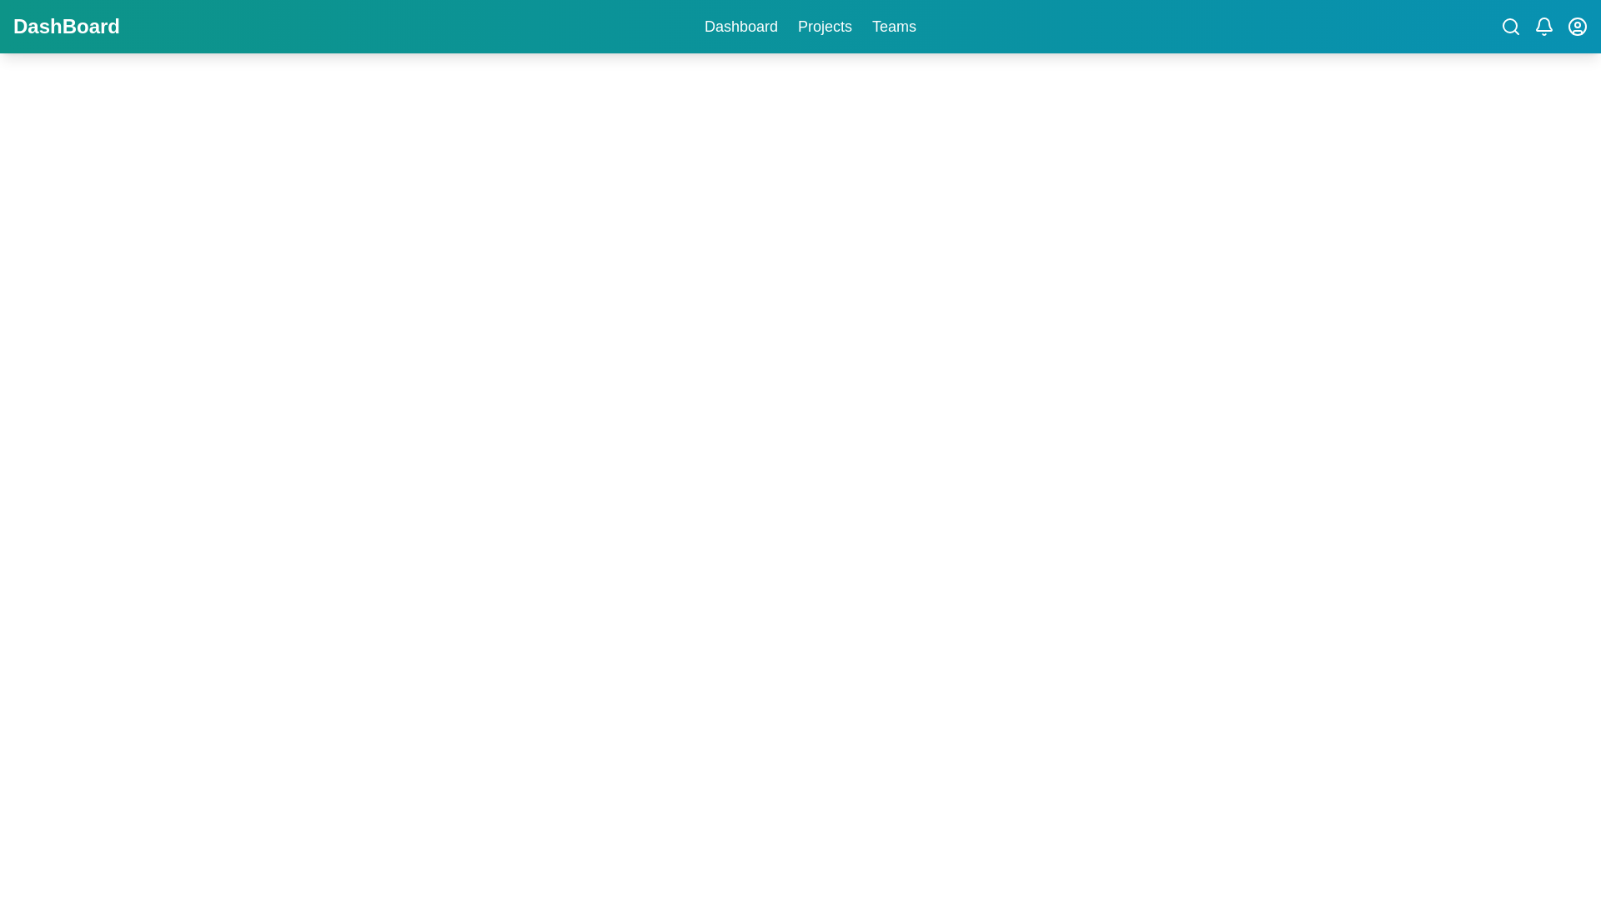  I want to click on the static text label that serves as the title for the Dashboard section, located at the leftmost part of the top navigation bar, so click(67, 26).